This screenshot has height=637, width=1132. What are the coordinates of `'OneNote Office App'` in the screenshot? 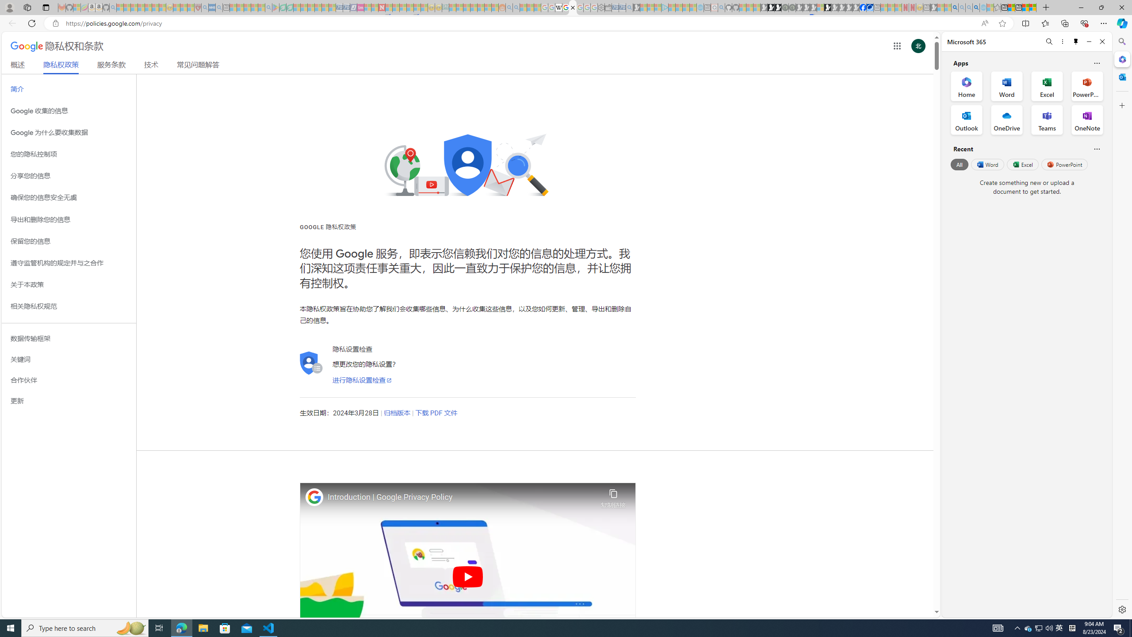 It's located at (1087, 120).